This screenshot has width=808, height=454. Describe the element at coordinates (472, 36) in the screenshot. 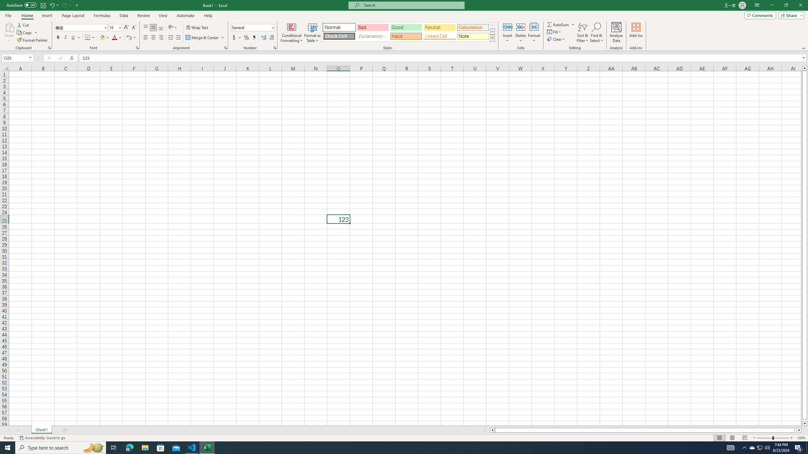

I see `'Note'` at that location.